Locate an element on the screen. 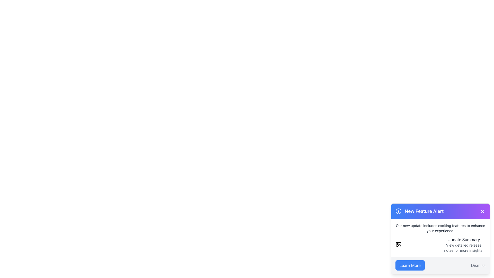  the close button, which is a small white cross icon on a purple gradient background in the top-right corner of the notification card is located at coordinates (482, 211).